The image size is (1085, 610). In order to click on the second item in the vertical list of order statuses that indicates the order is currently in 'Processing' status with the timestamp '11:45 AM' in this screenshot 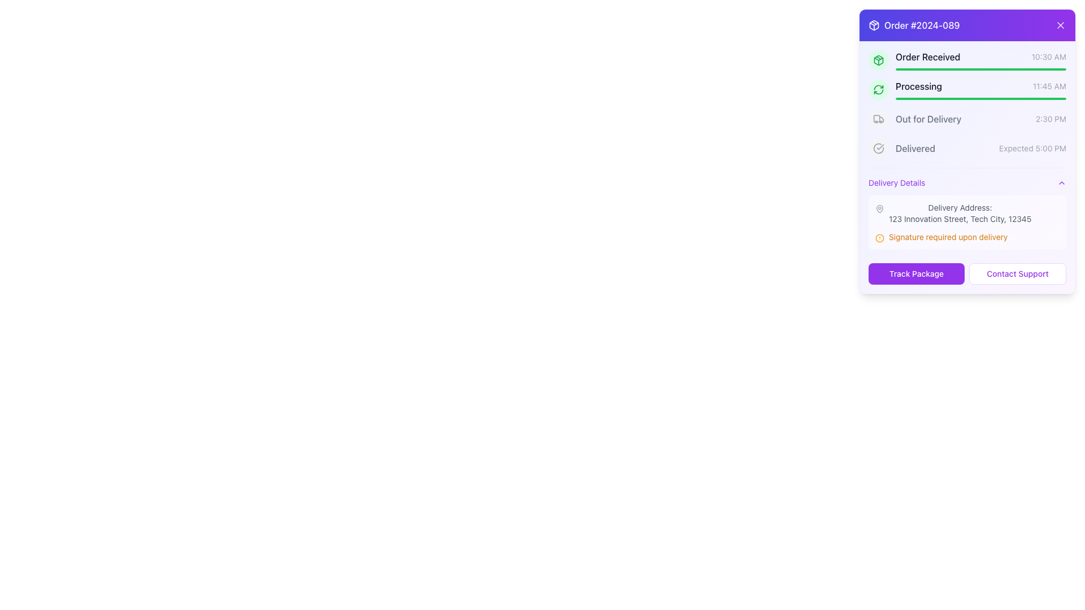, I will do `click(967, 104)`.